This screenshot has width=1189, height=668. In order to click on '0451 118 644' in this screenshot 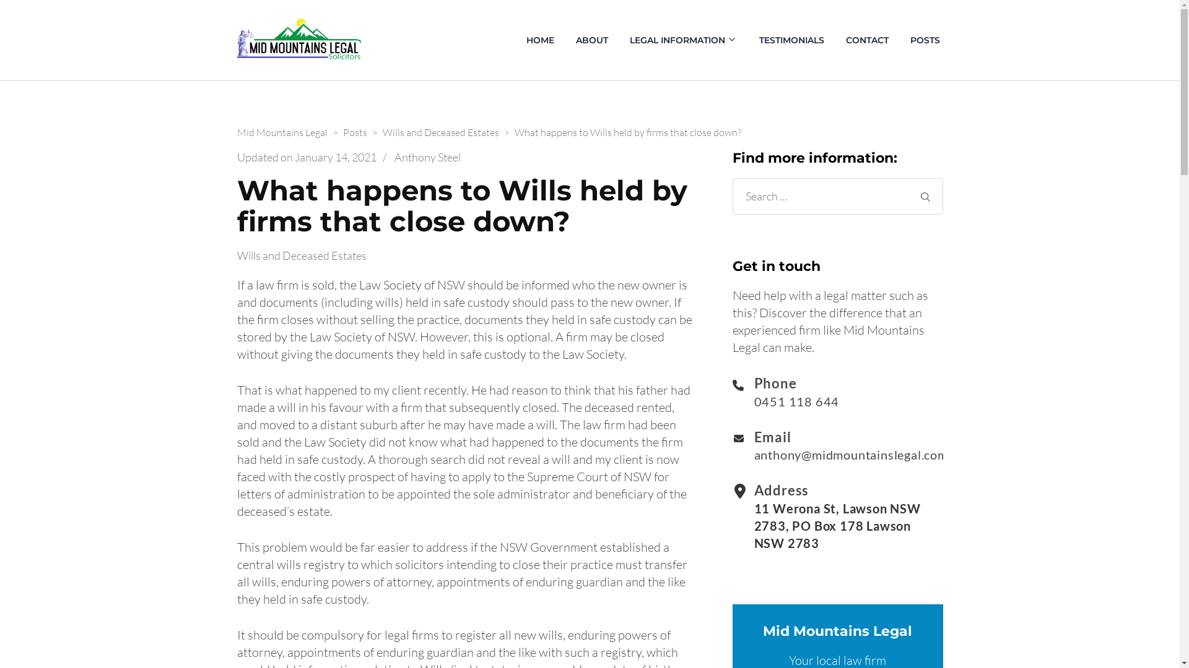, I will do `click(754, 401)`.